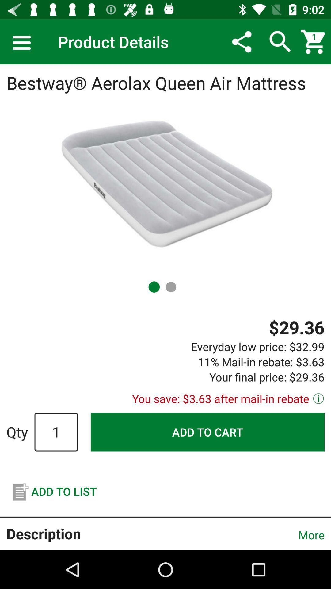 The image size is (331, 589). What do you see at coordinates (318, 398) in the screenshot?
I see `the info icon` at bounding box center [318, 398].